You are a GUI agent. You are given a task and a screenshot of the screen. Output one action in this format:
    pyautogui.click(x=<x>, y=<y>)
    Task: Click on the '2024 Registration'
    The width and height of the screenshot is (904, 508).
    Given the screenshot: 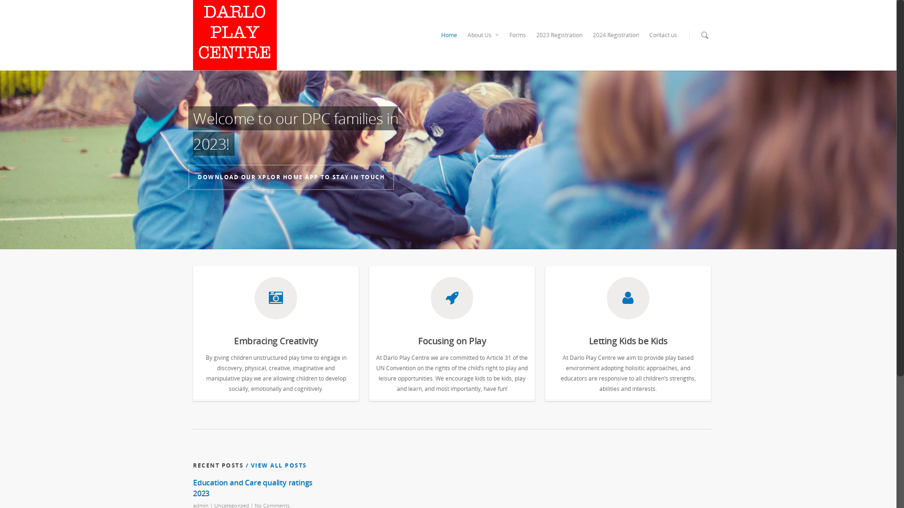 What is the action you would take?
    pyautogui.click(x=616, y=34)
    